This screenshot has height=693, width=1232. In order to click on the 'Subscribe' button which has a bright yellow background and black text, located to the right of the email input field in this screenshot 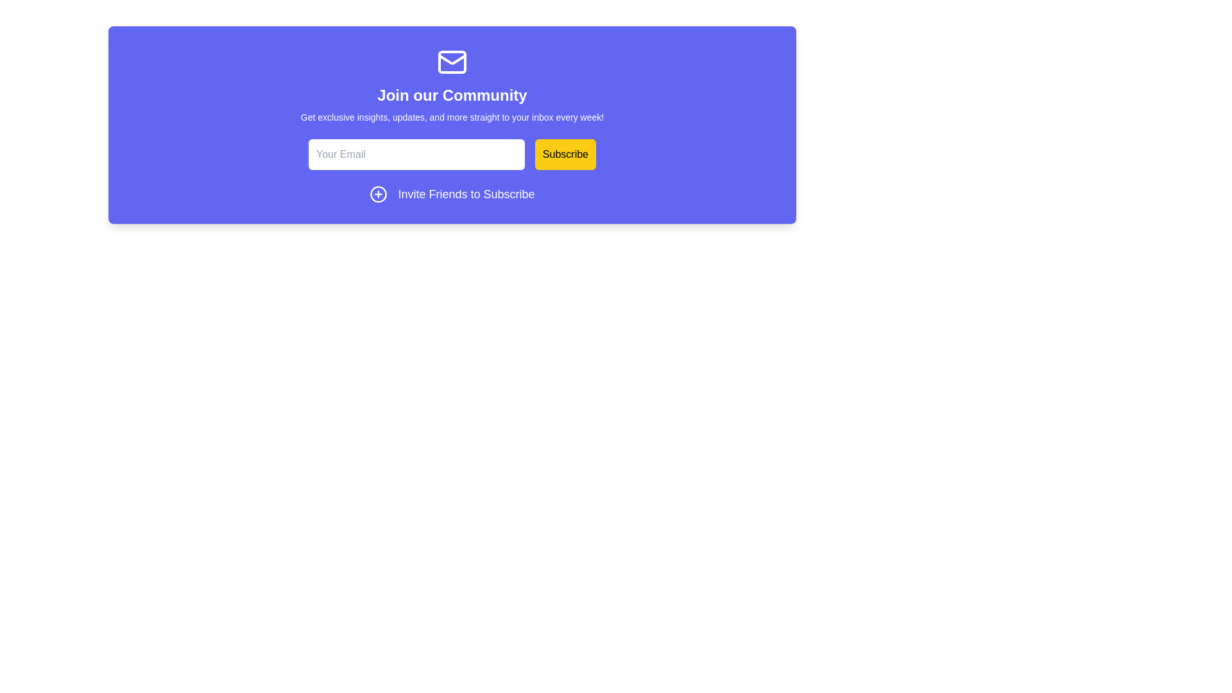, I will do `click(565, 153)`.